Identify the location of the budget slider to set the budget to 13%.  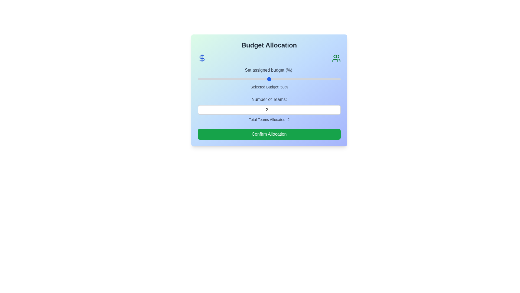
(216, 79).